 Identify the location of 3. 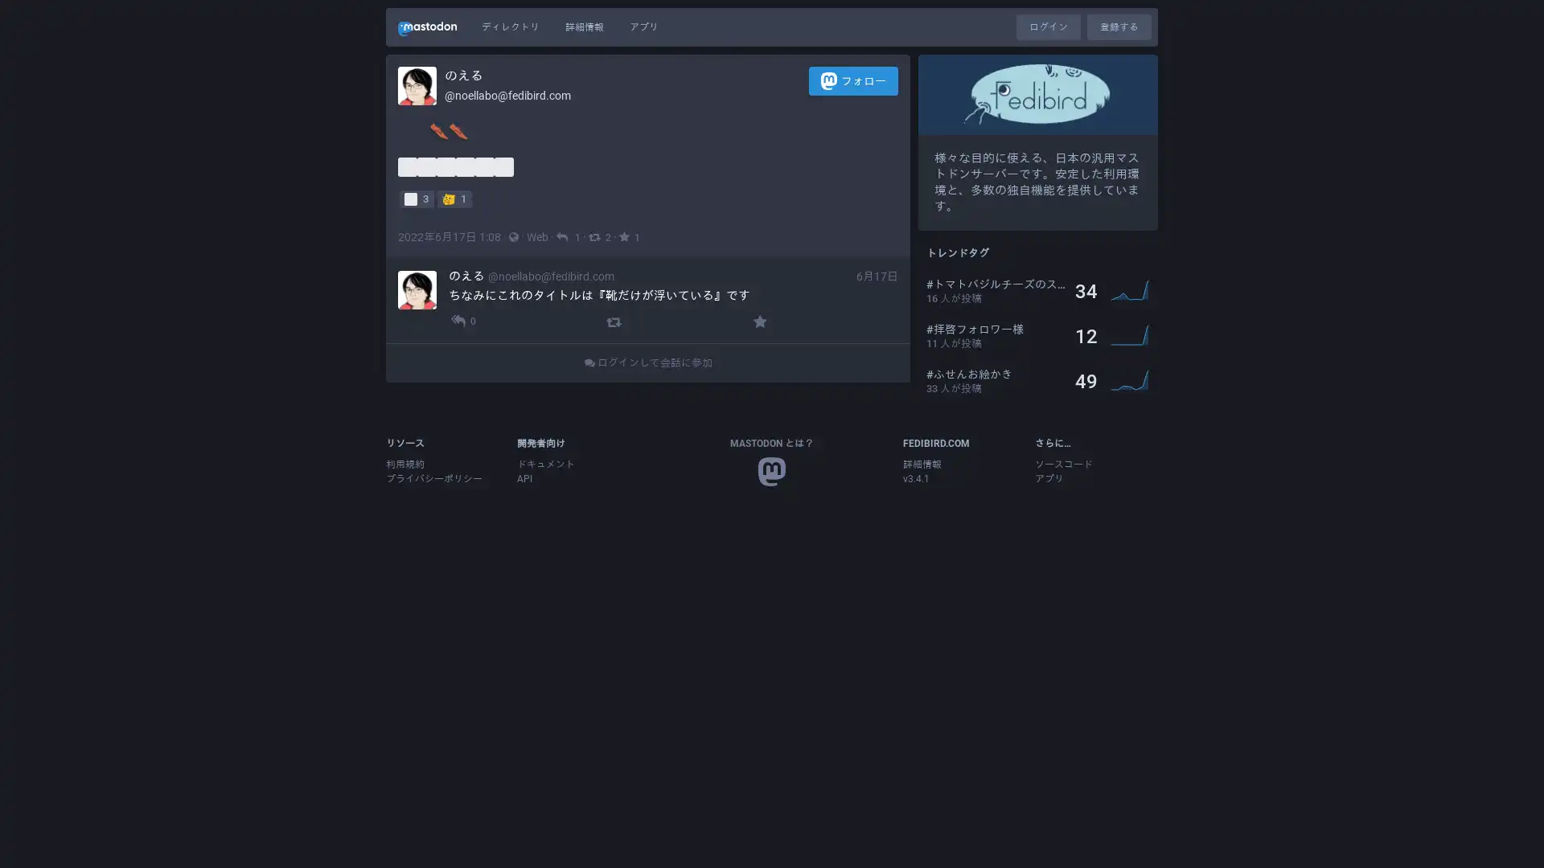
(417, 197).